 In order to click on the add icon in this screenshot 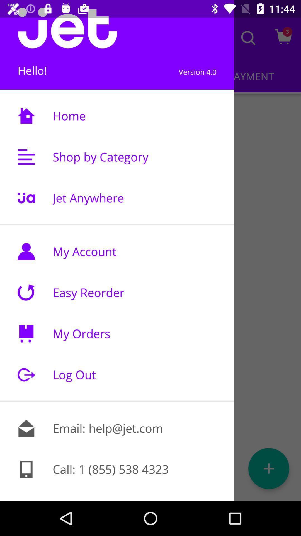, I will do `click(268, 468)`.